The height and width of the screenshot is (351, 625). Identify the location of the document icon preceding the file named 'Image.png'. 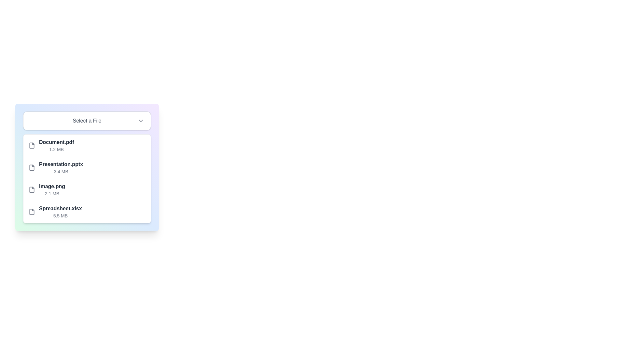
(31, 189).